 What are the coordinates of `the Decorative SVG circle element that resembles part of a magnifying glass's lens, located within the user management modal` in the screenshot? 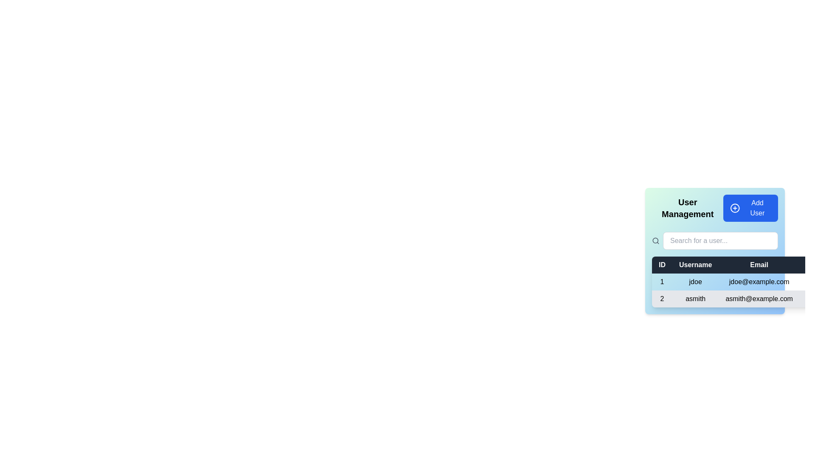 It's located at (655, 240).